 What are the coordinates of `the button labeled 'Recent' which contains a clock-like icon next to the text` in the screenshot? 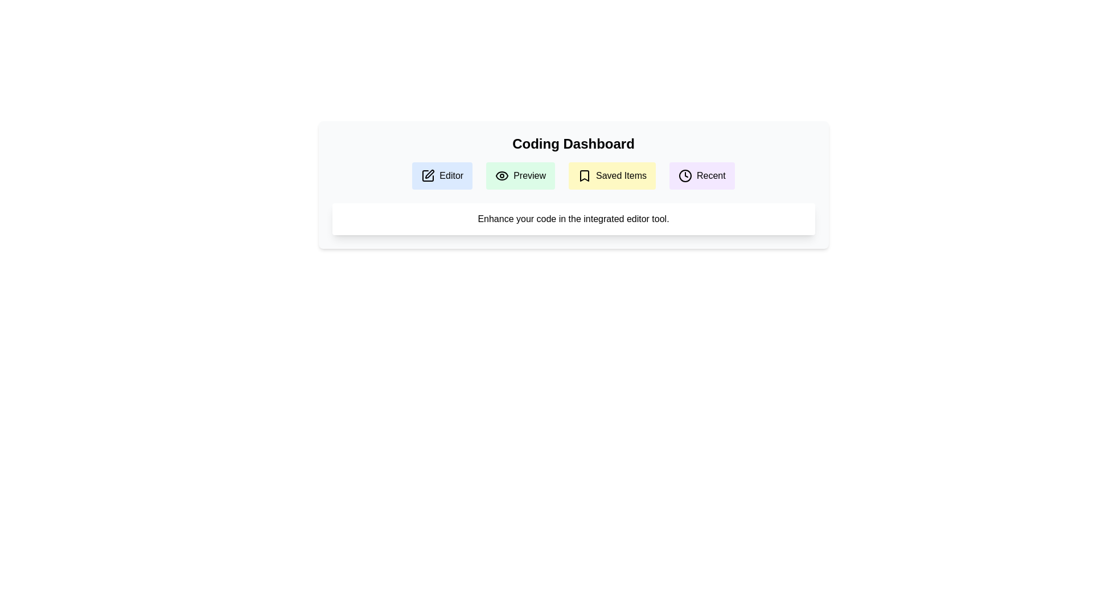 It's located at (685, 175).